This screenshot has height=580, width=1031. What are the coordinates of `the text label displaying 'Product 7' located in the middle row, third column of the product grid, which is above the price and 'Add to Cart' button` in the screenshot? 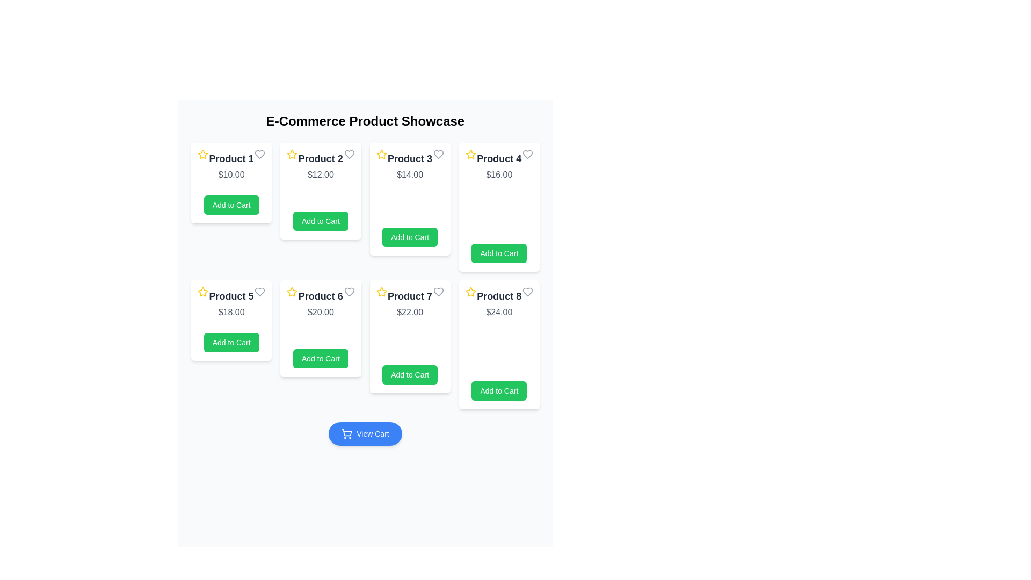 It's located at (409, 296).